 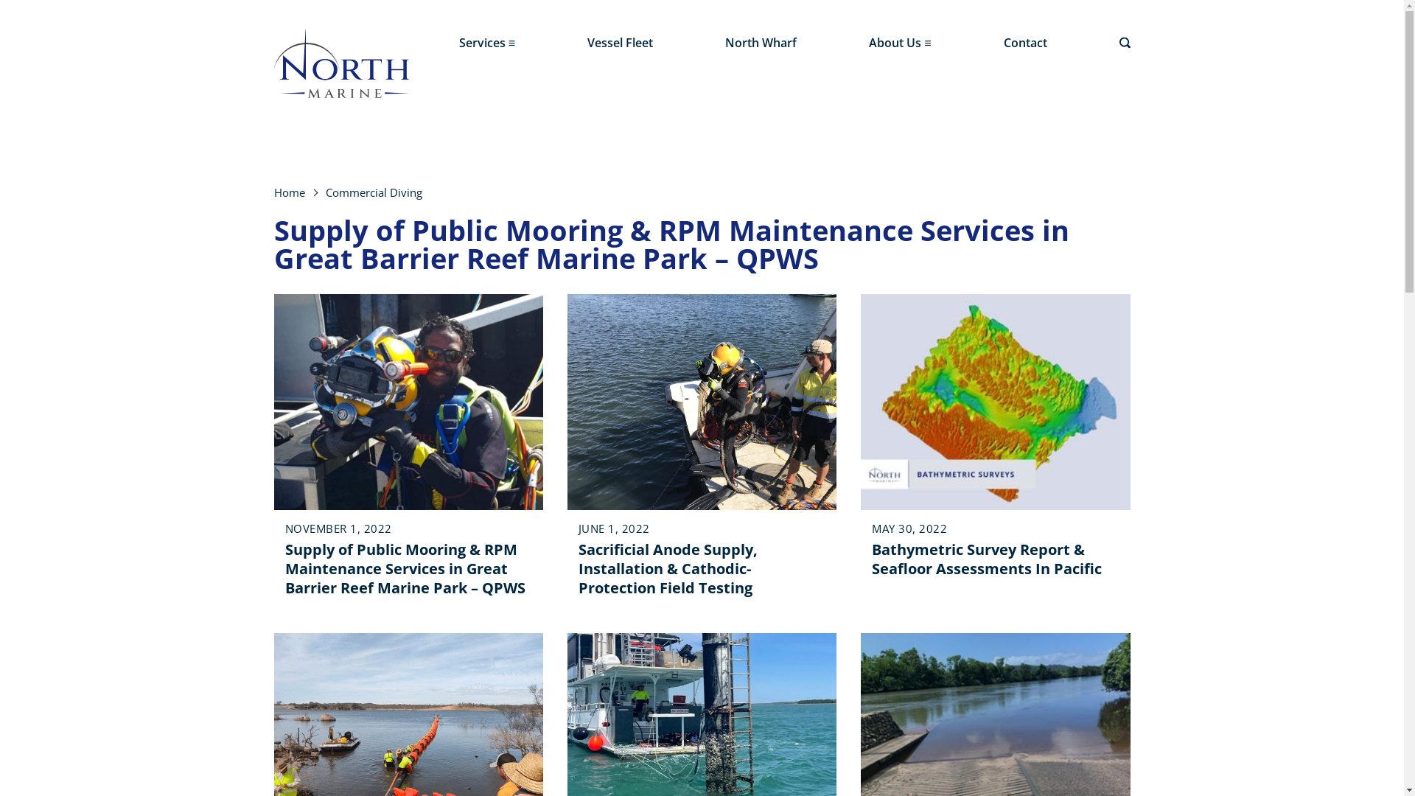 What do you see at coordinates (1024, 41) in the screenshot?
I see `'Contact'` at bounding box center [1024, 41].